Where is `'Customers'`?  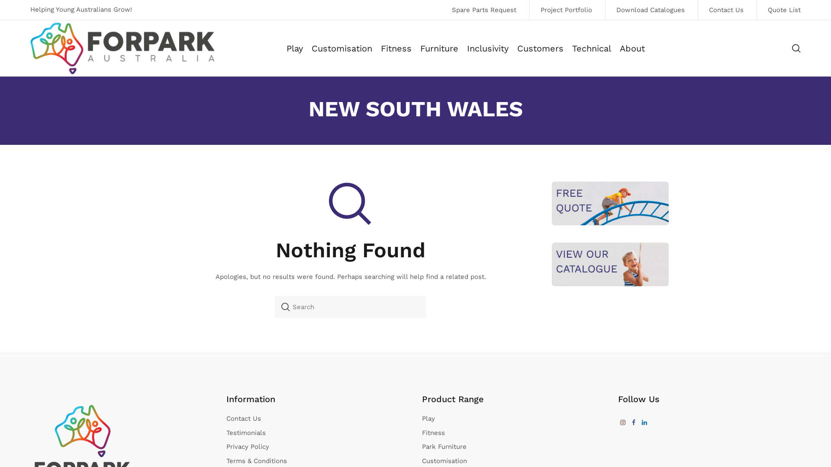
'Customers' is located at coordinates (540, 48).